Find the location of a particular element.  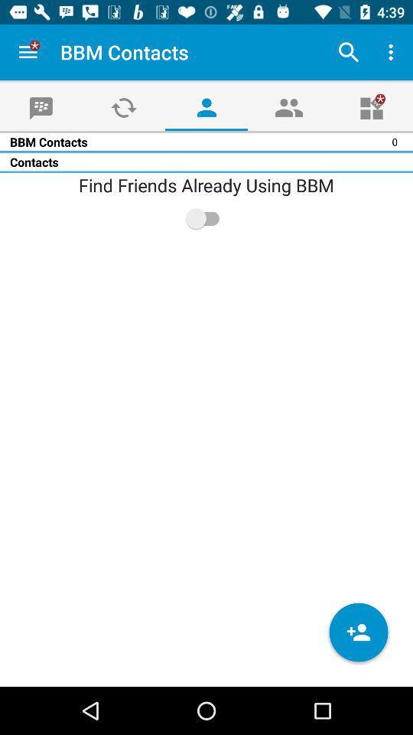

the group icon is located at coordinates (289, 106).